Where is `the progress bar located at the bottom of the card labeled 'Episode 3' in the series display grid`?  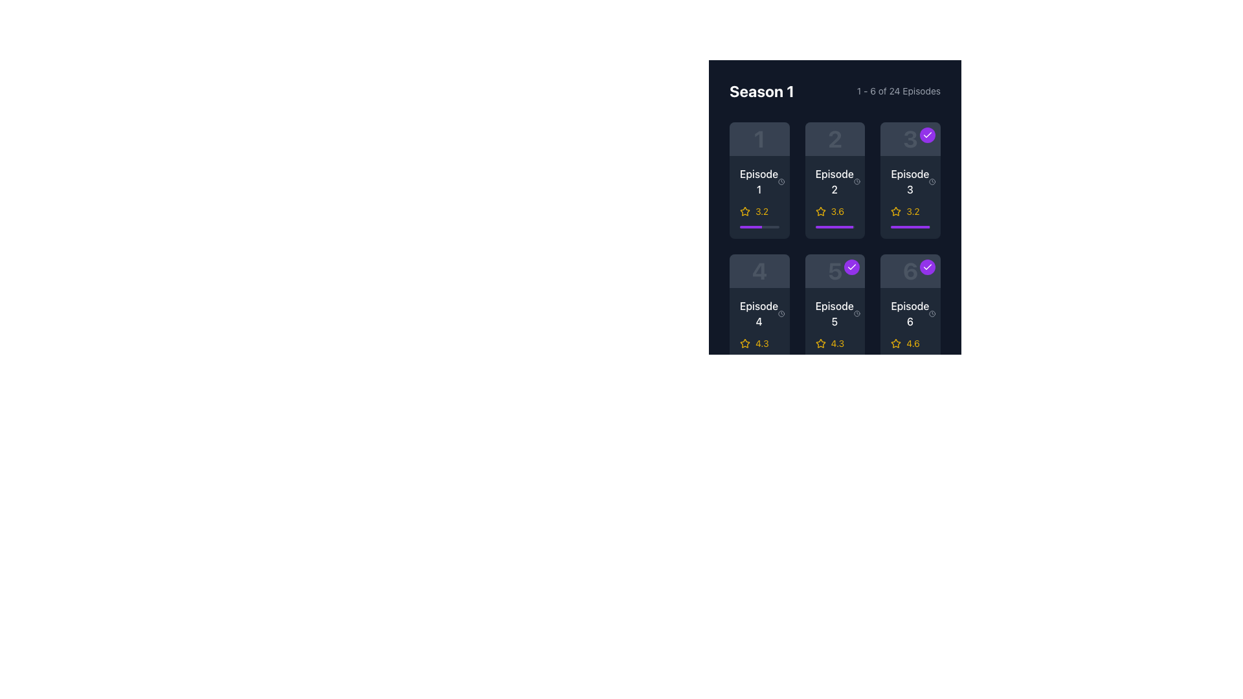
the progress bar located at the bottom of the card labeled 'Episode 3' in the series display grid is located at coordinates (910, 227).